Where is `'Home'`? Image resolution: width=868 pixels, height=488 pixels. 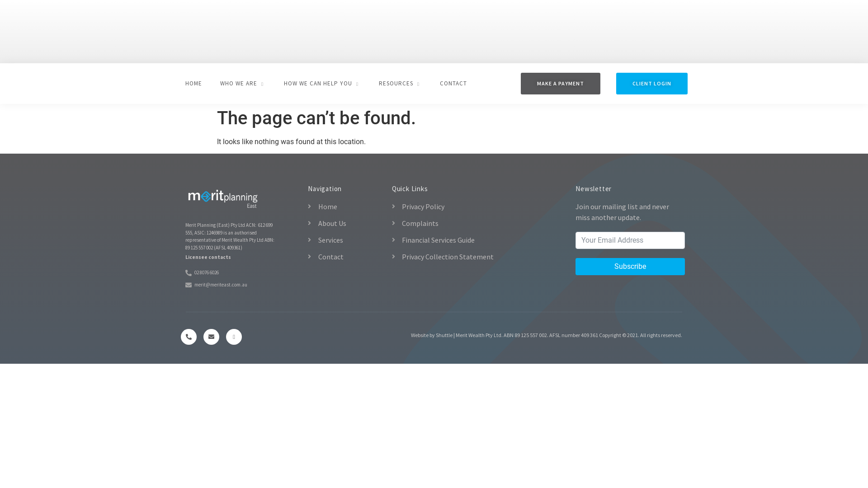
'Home' is located at coordinates (344, 206).